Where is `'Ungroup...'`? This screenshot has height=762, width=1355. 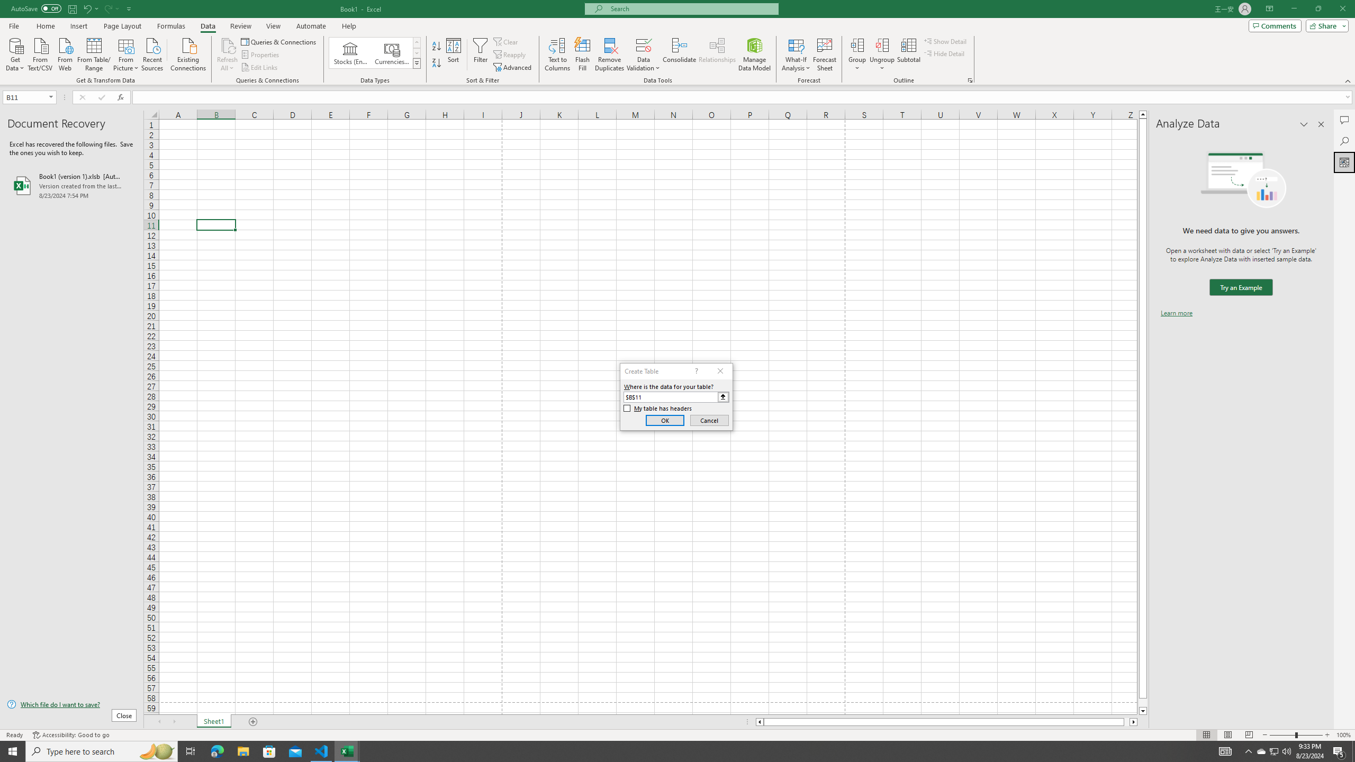 'Ungroup...' is located at coordinates (882, 55).